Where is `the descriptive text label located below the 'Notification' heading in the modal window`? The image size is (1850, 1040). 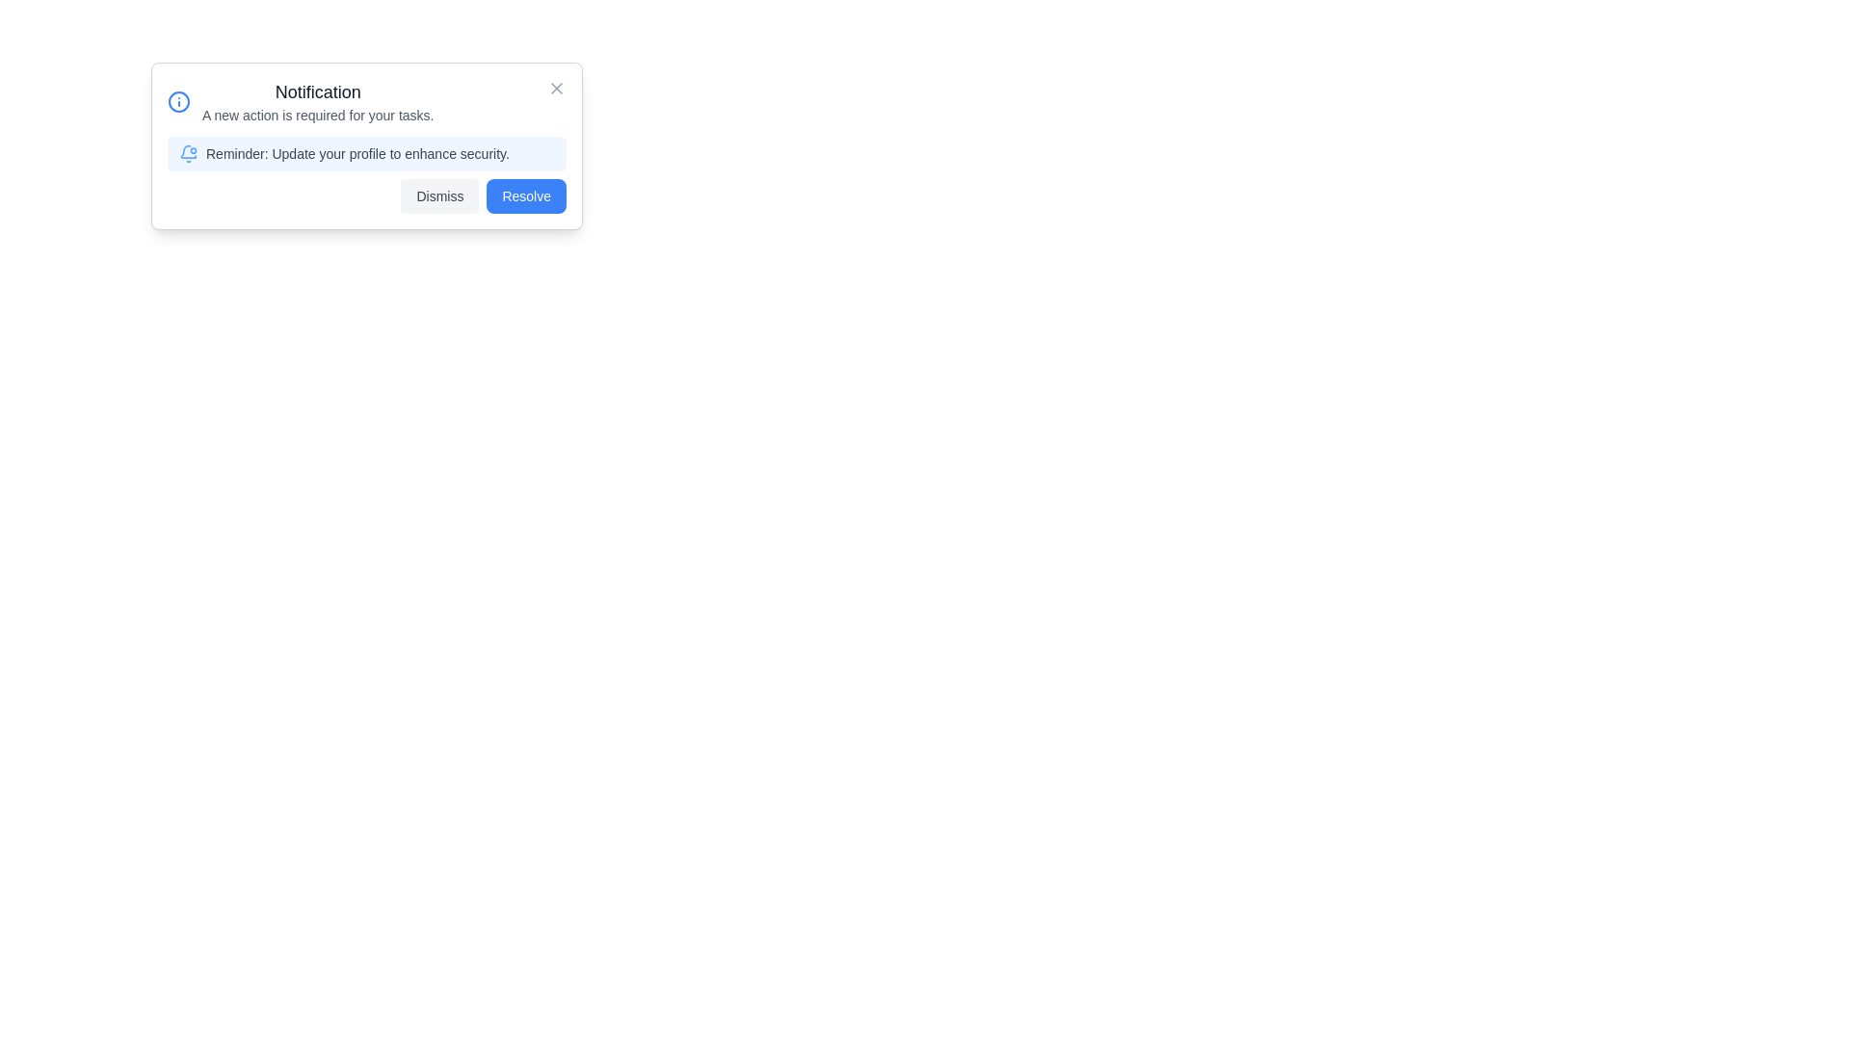
the descriptive text label located below the 'Notification' heading in the modal window is located at coordinates (318, 115).